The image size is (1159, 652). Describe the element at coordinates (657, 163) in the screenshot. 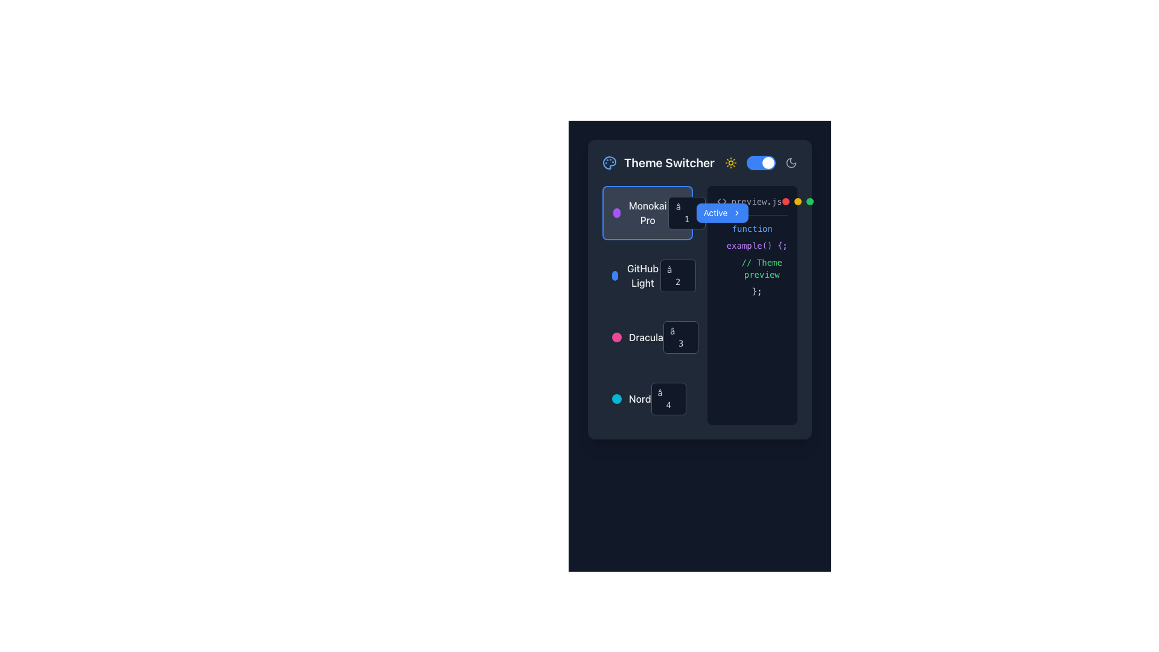

I see `the Label with an Icon that serves as a header for the Theme Switcher section, located at the top-left of the Theme Switcher interface` at that location.